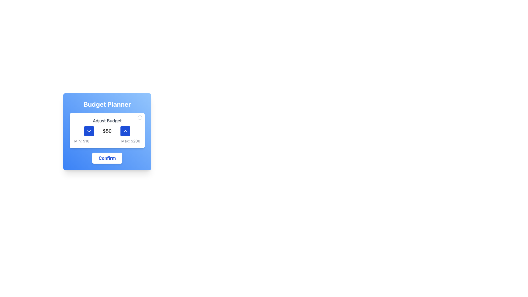  Describe the element at coordinates (107, 120) in the screenshot. I see `the Text Label that indicates the purpose of the associated numeric input field for adjusting the budget amount in the 'Budget Planner' modal` at that location.